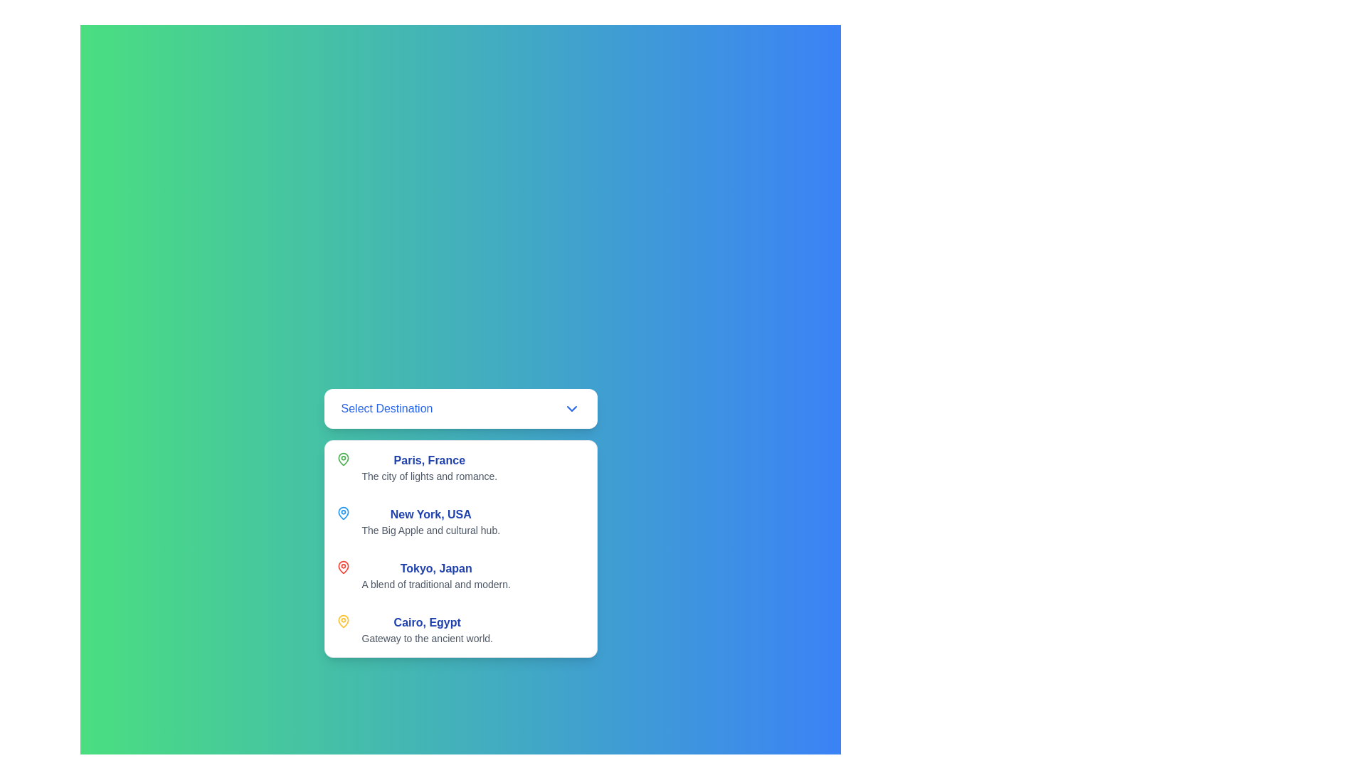 The image size is (1366, 768). I want to click on the text label displaying 'A blend of traditional and modern.' which is positioned below 'Tokyo, Japan' in the dropdown menu of travel locations, so click(435, 584).